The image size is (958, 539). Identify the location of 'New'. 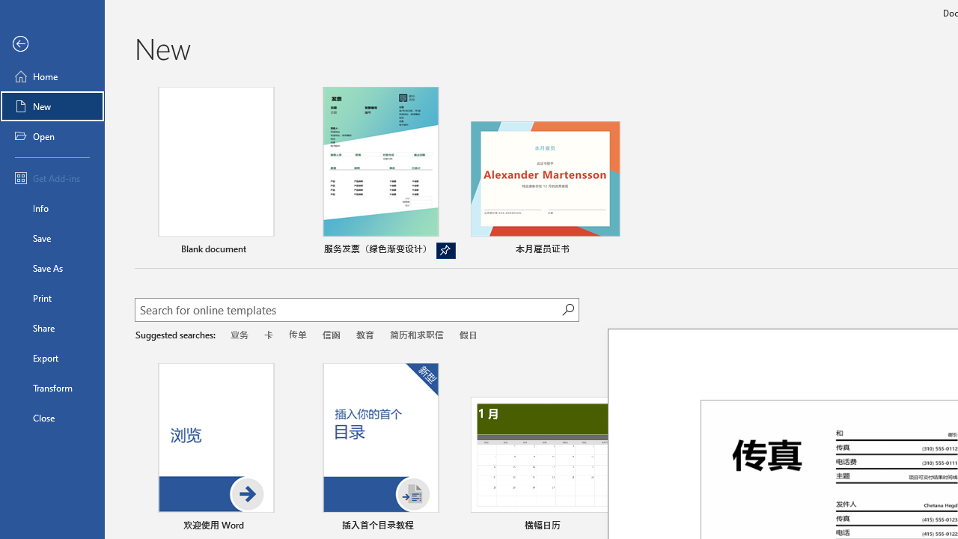
(52, 105).